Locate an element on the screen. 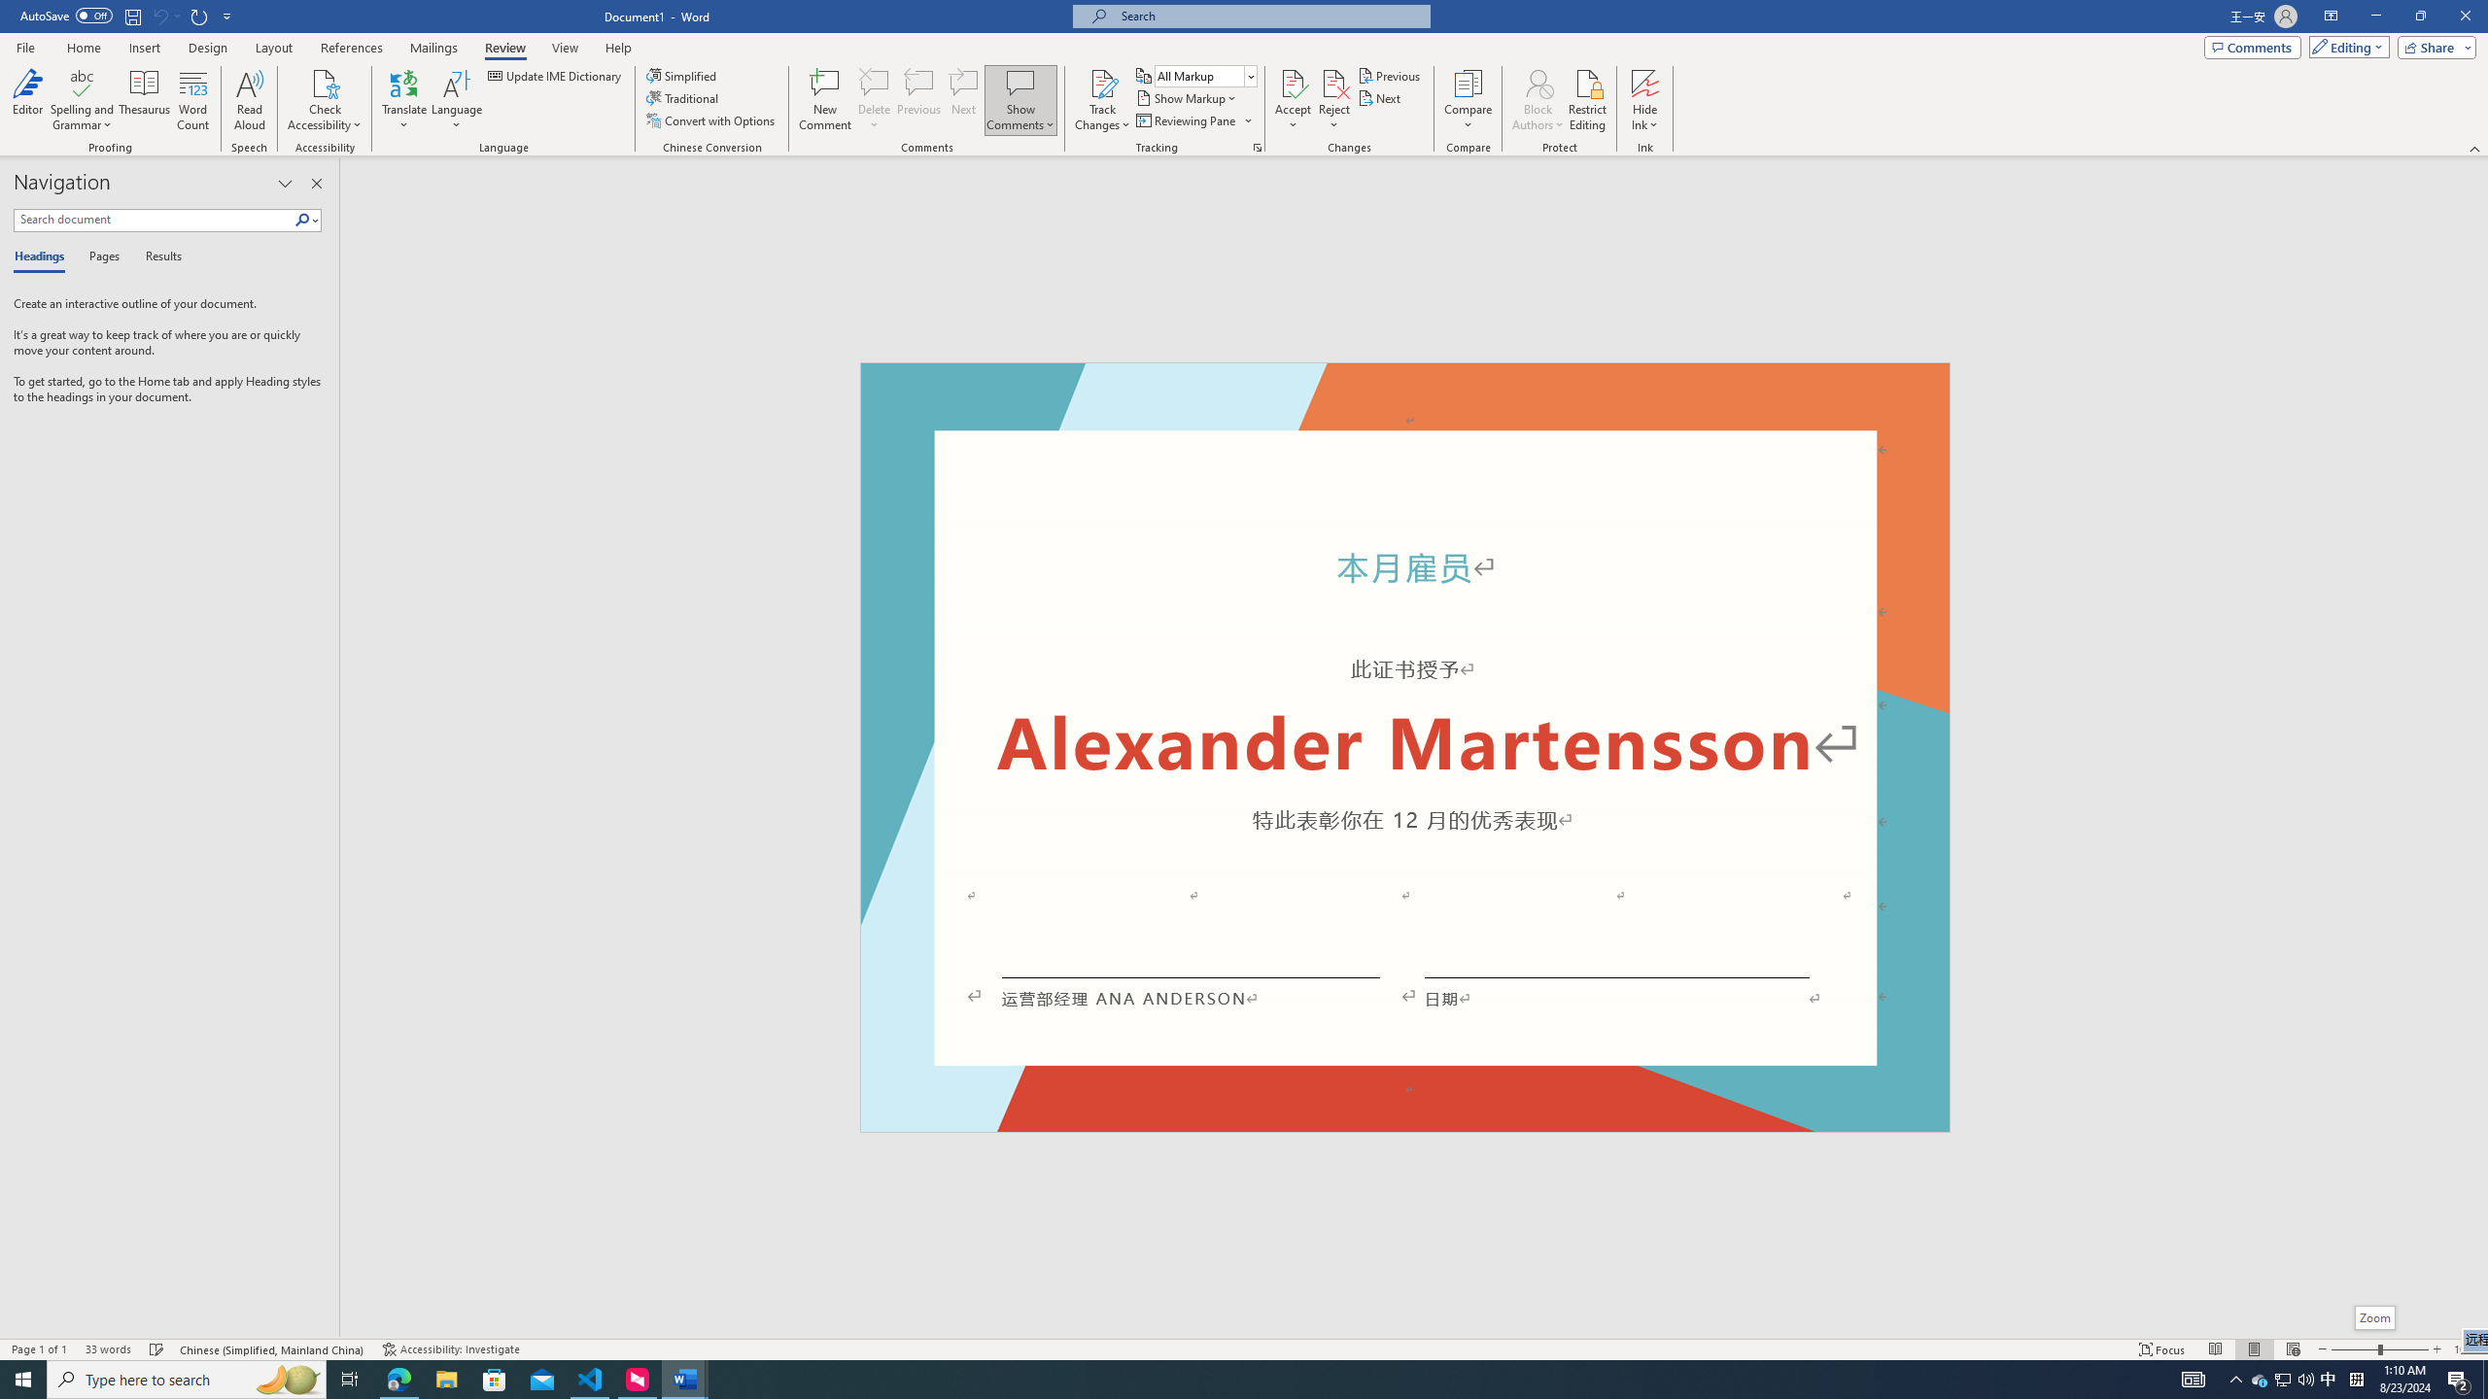 Image resolution: width=2488 pixels, height=1399 pixels. 'Can' is located at coordinates (158, 15).